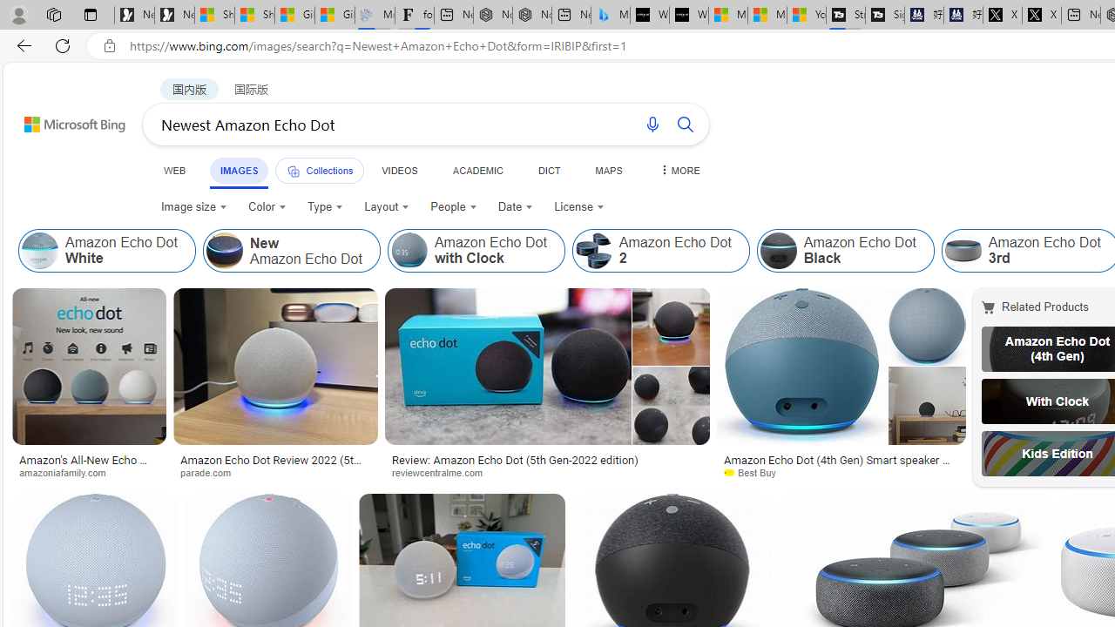 This screenshot has width=1115, height=627. I want to click on 'Newsletter Sign Up', so click(174, 15).